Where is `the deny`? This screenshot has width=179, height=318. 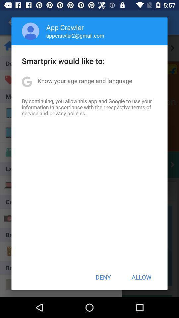 the deny is located at coordinates (103, 277).